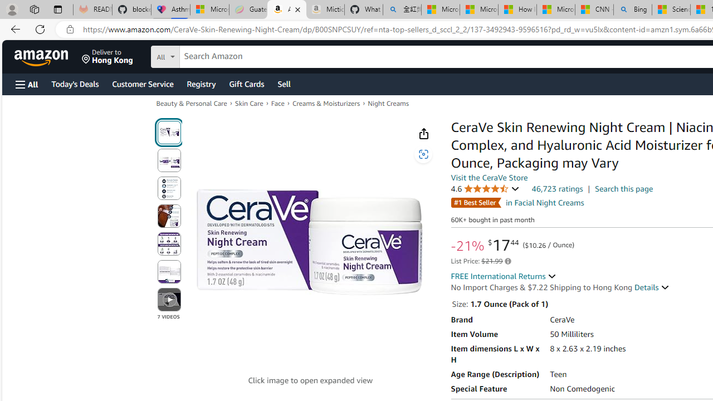 This screenshot has height=401, width=713. I want to click on 'Details ', so click(652, 287).